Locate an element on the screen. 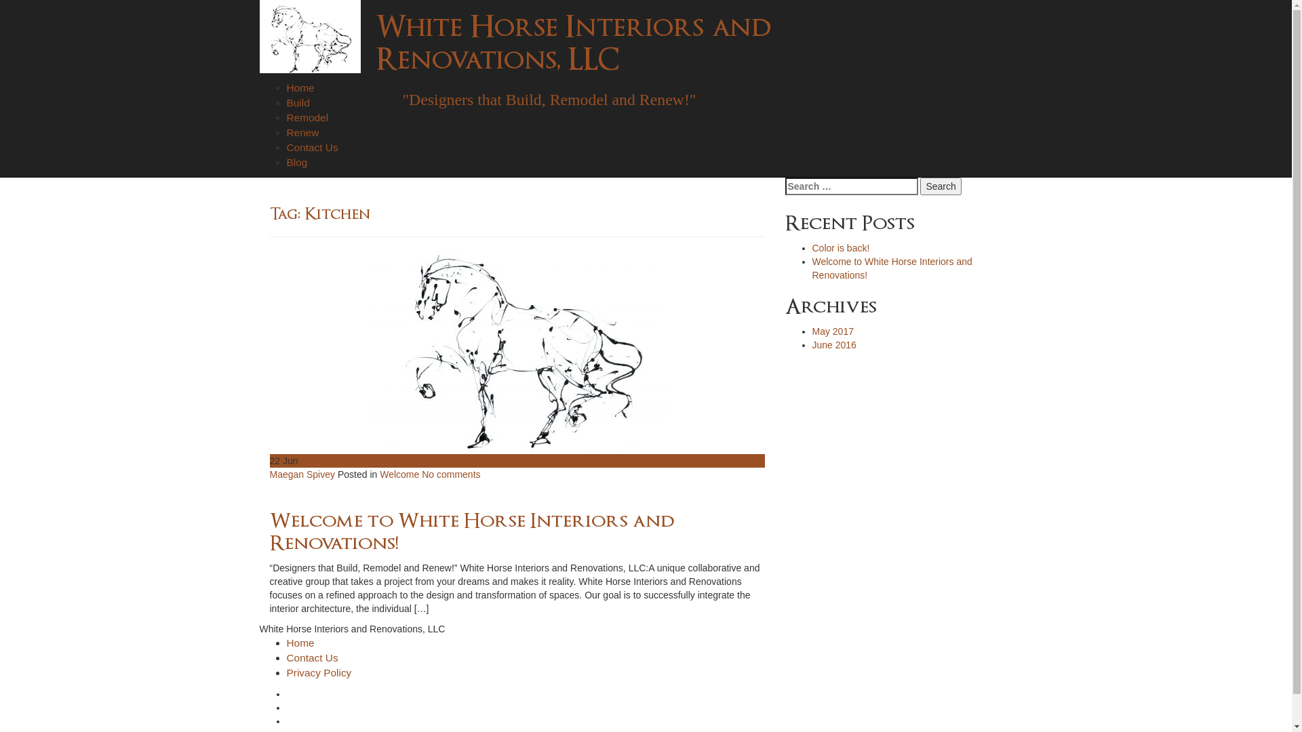 The height and width of the screenshot is (732, 1302). 'Home' is located at coordinates (299, 642).